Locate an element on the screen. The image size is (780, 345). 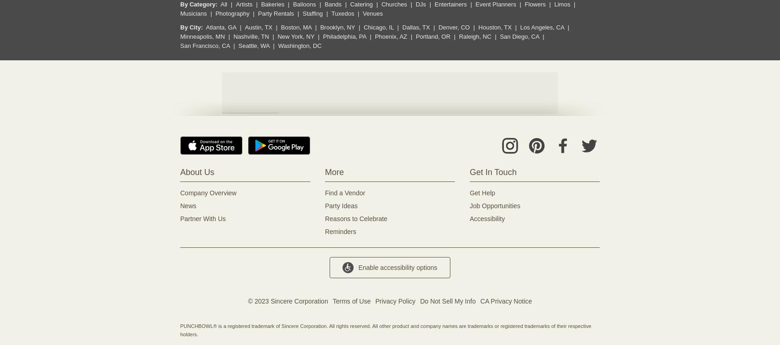
'Limos' is located at coordinates (554, 4).